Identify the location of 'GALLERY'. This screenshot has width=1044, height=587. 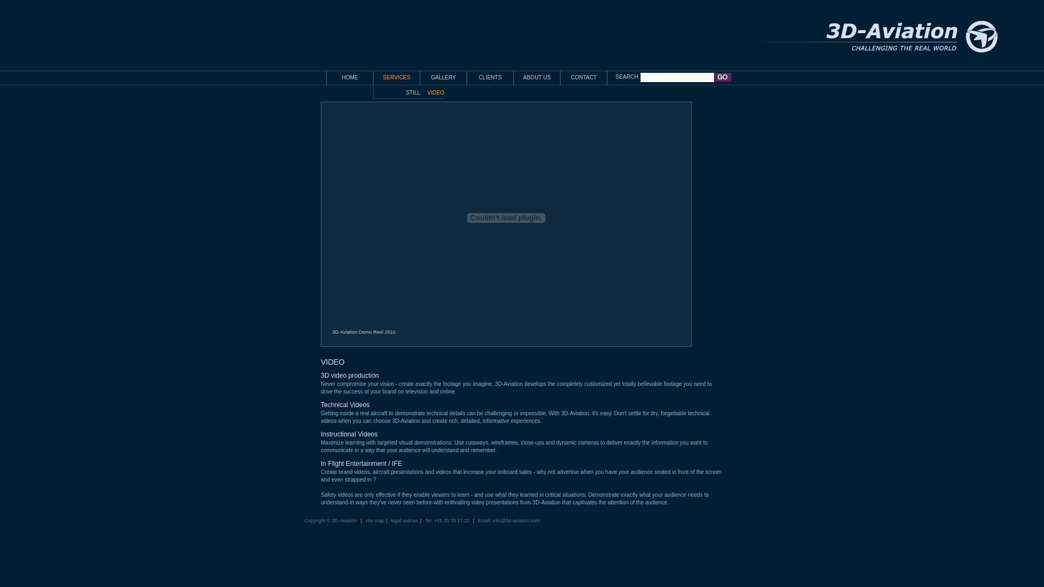
(443, 77).